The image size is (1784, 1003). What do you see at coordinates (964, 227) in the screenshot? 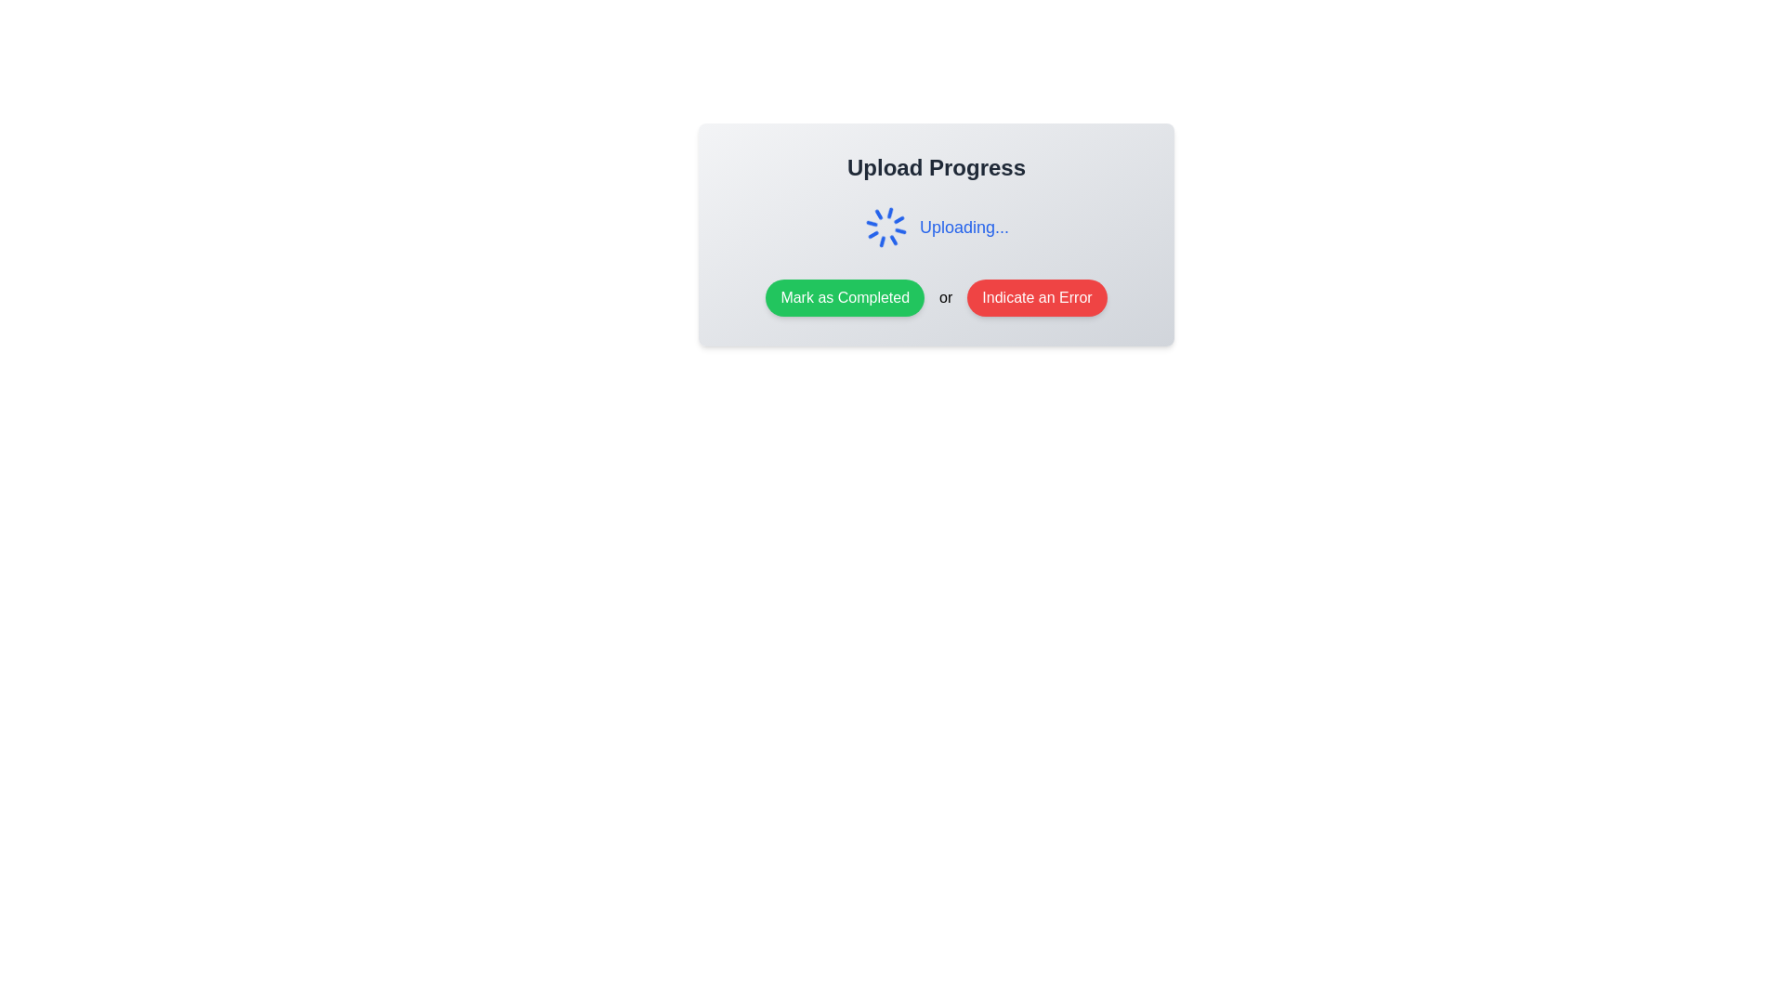
I see `the status indicator text label that shows the upload process is in progress, located in the 'Upload Progress' modal, to the right of the spinning loader icon` at bounding box center [964, 227].